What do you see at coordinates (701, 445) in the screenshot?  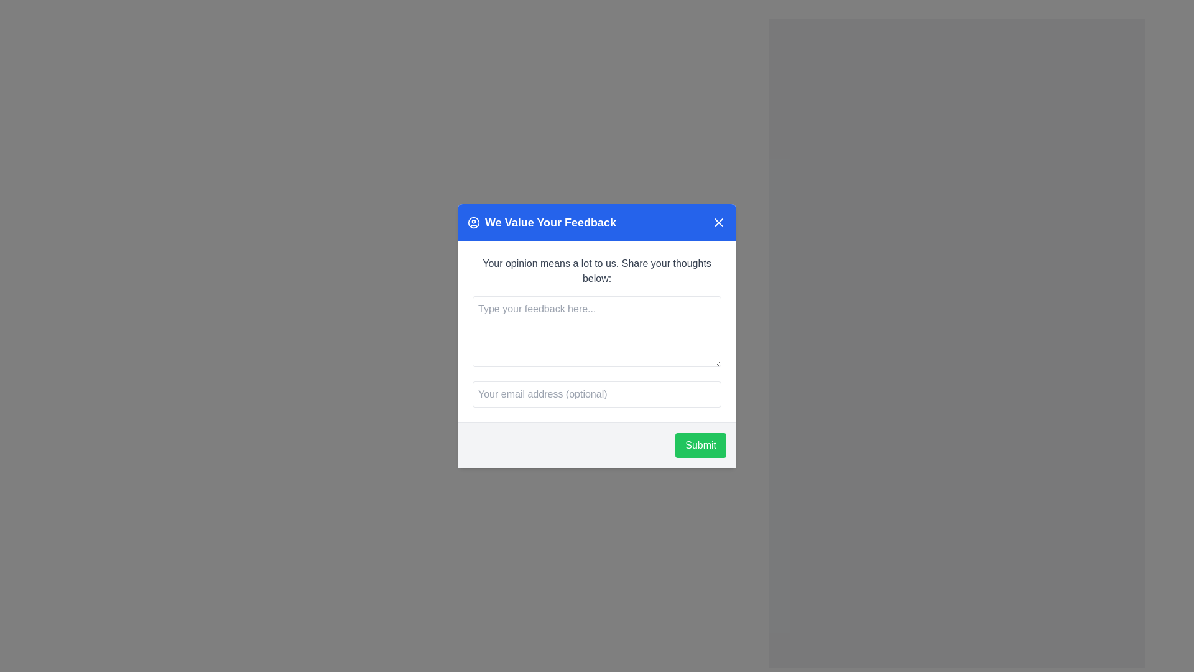 I see `the submission button located at the bottom-right corner of the modal titled 'We Value Your Feedback' to observe the hover effect` at bounding box center [701, 445].